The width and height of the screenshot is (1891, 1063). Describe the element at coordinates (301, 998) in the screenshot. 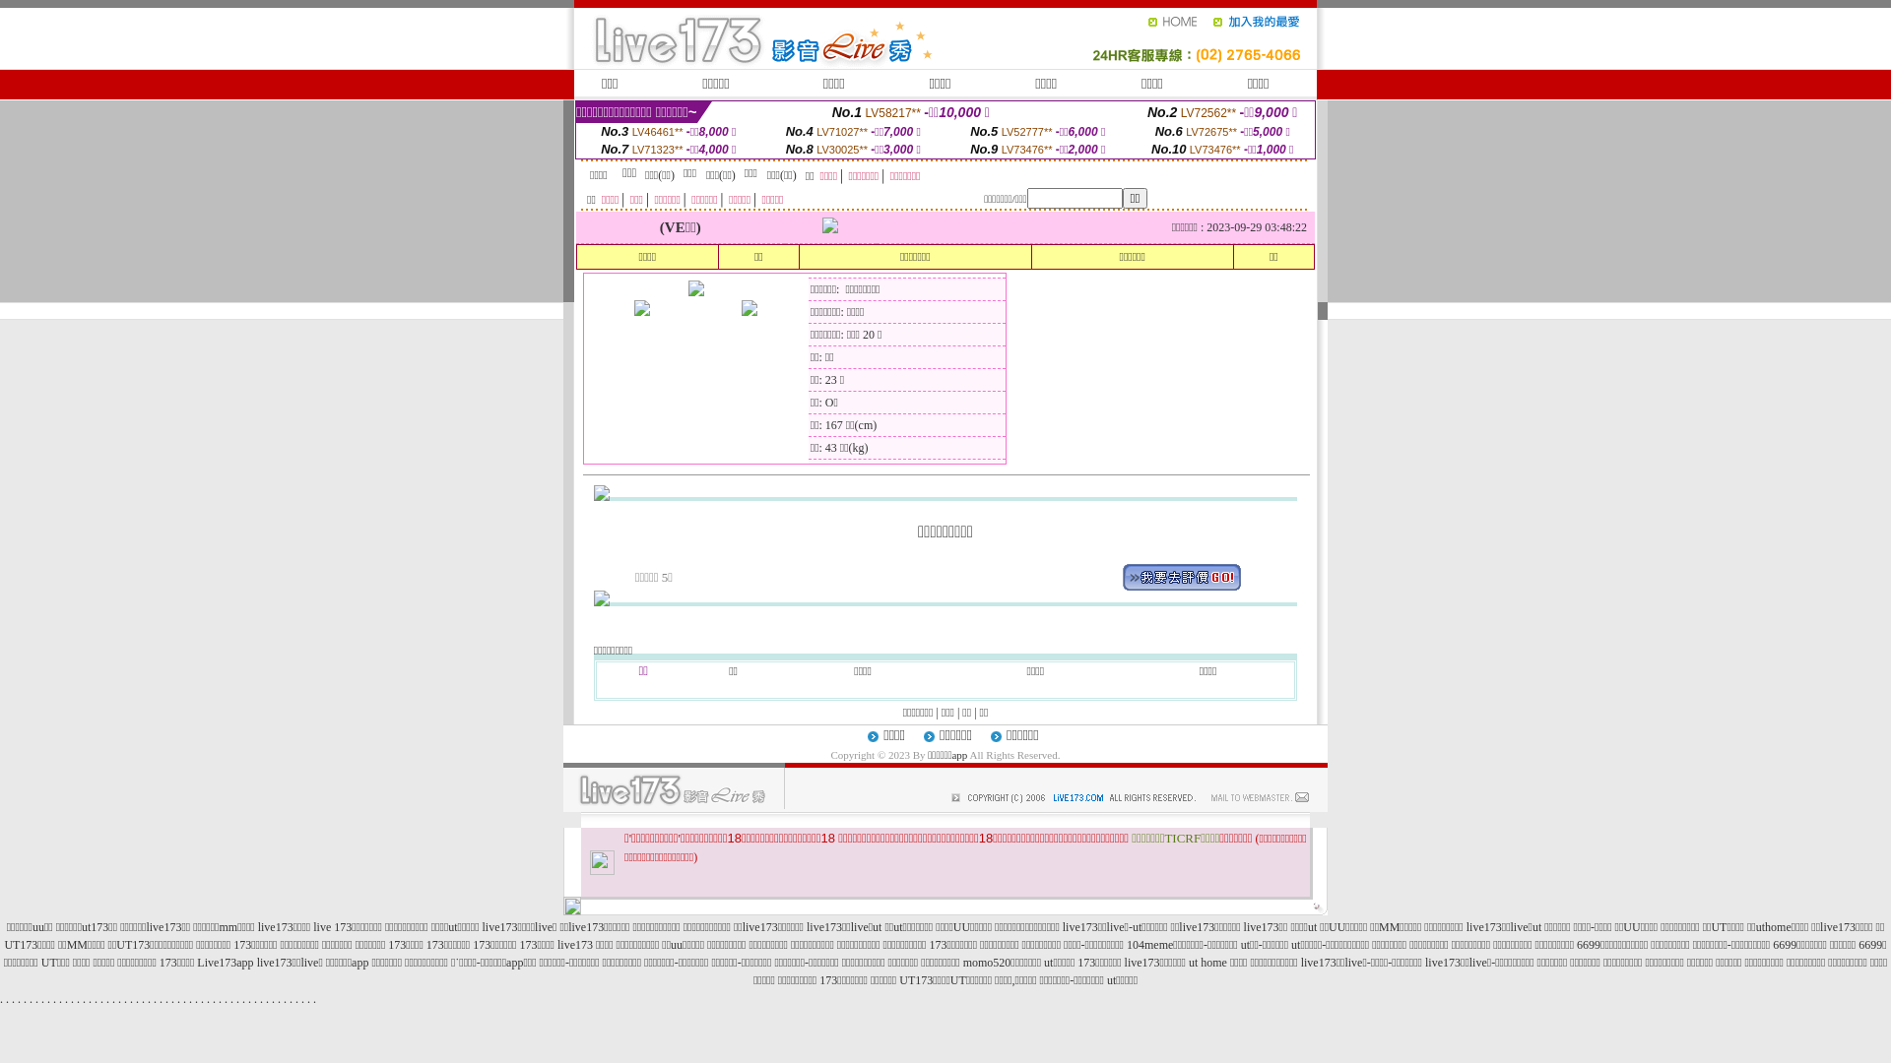

I see `'.'` at that location.